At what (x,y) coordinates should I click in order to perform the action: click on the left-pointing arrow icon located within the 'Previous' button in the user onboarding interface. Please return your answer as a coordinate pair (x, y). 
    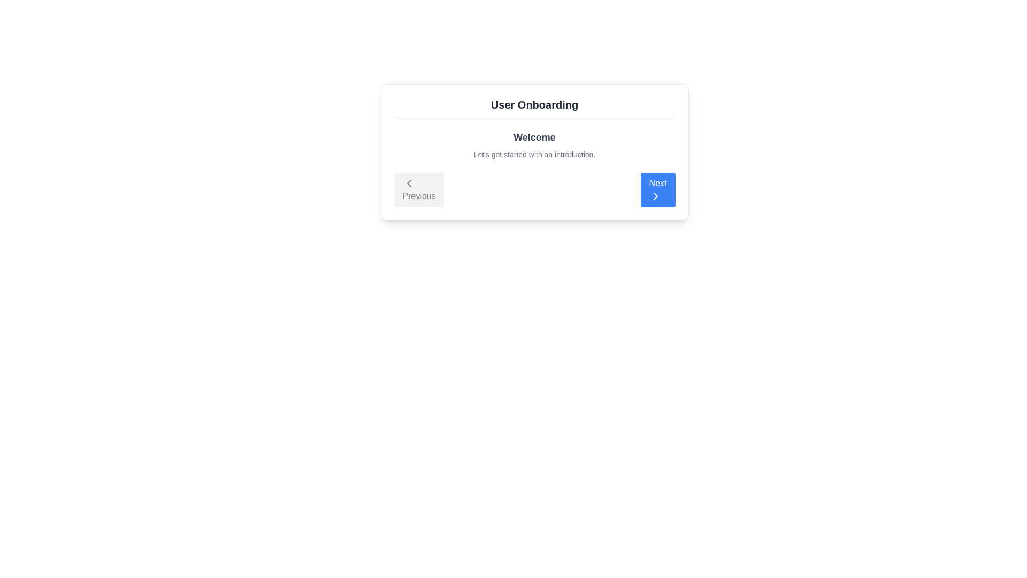
    Looking at the image, I should click on (408, 183).